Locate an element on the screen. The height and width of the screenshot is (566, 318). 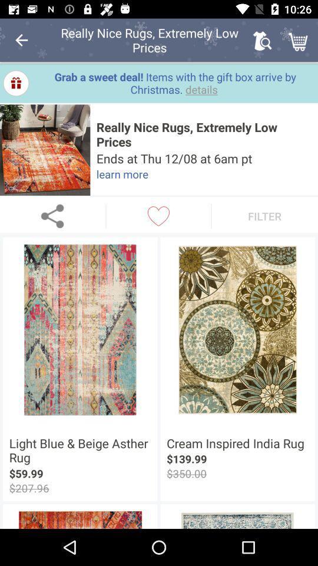
item above grab a sweet is located at coordinates (262, 40).